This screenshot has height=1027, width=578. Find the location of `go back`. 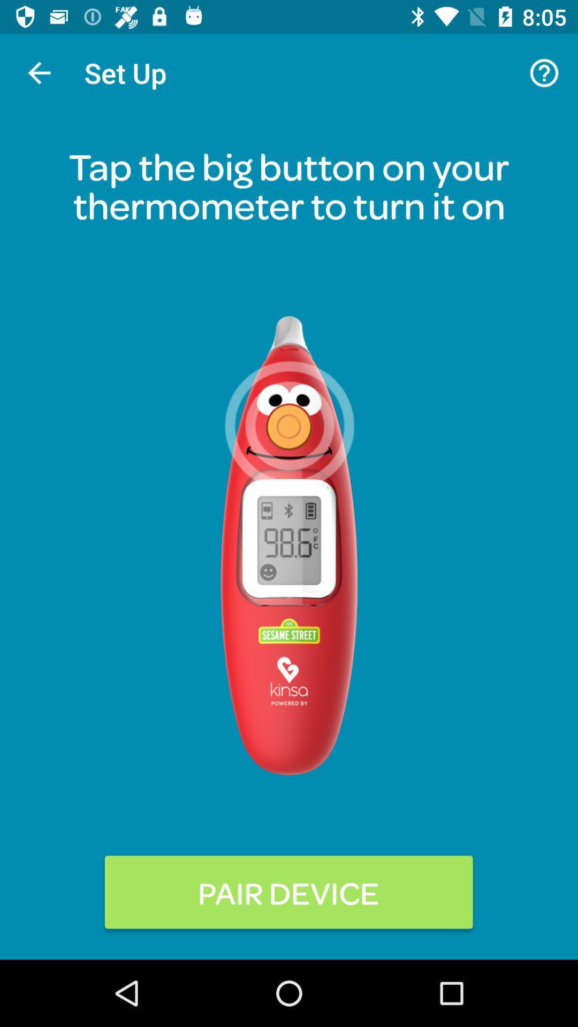

go back is located at coordinates (39, 72).